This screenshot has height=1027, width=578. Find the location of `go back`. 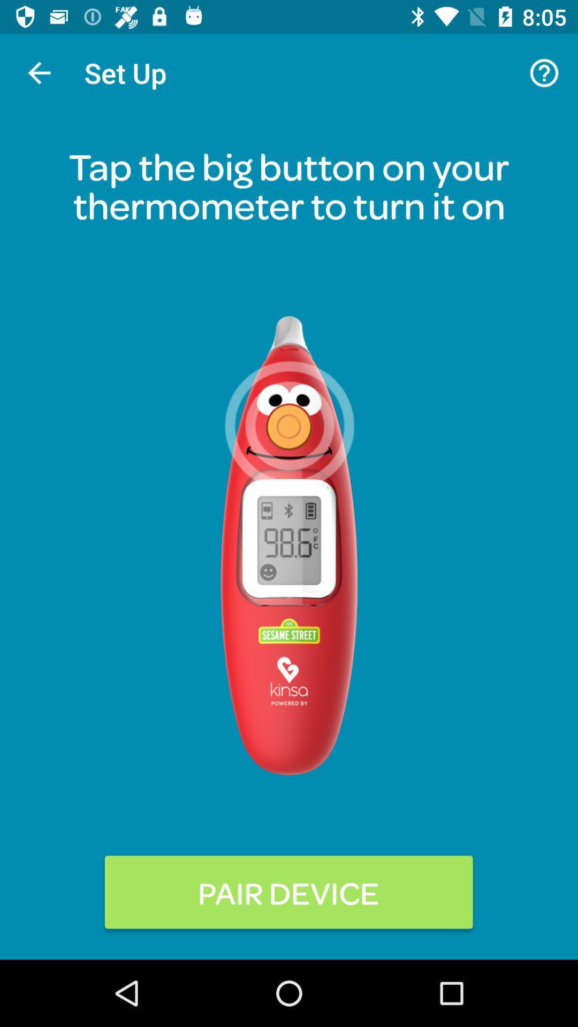

go back is located at coordinates (39, 72).